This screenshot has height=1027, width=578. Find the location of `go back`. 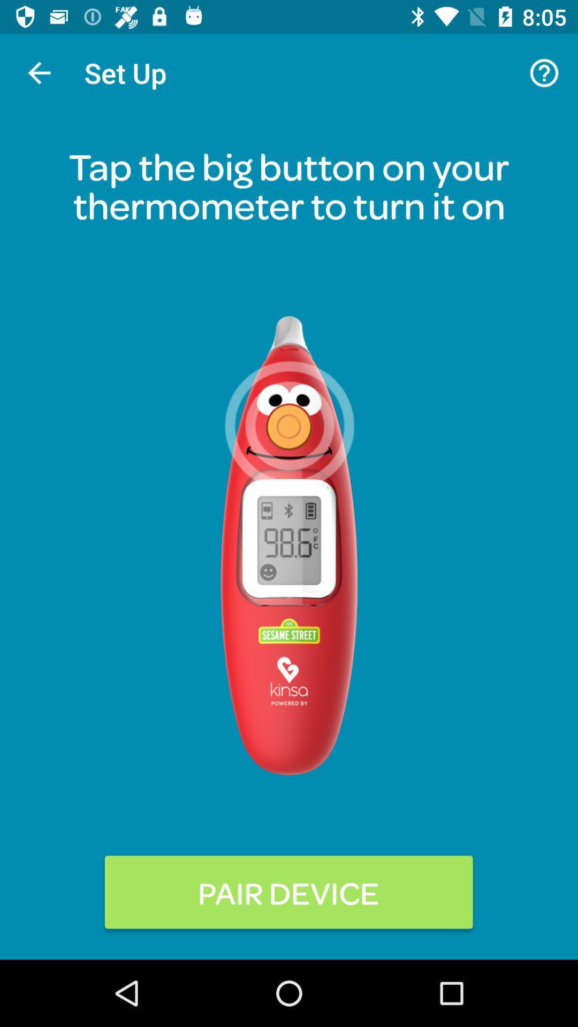

go back is located at coordinates (39, 72).